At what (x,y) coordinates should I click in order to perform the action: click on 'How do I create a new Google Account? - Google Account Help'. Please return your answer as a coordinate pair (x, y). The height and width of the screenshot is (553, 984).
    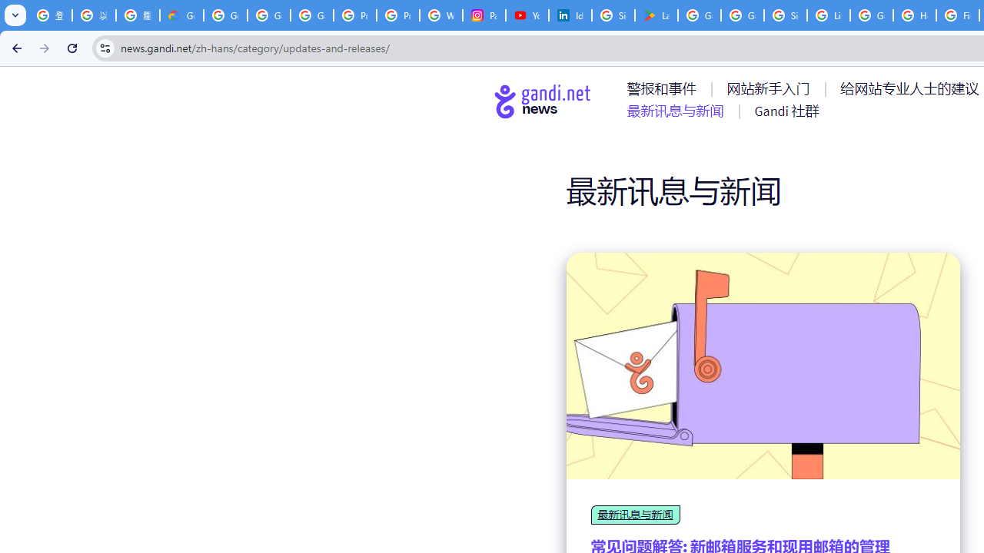
    Looking at the image, I should click on (915, 15).